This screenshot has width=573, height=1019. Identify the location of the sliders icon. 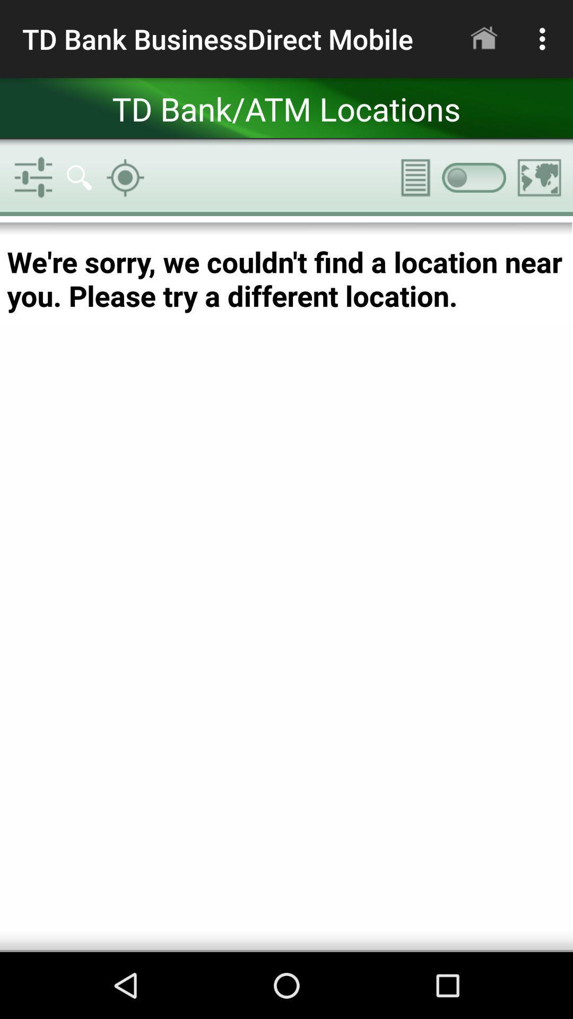
(32, 177).